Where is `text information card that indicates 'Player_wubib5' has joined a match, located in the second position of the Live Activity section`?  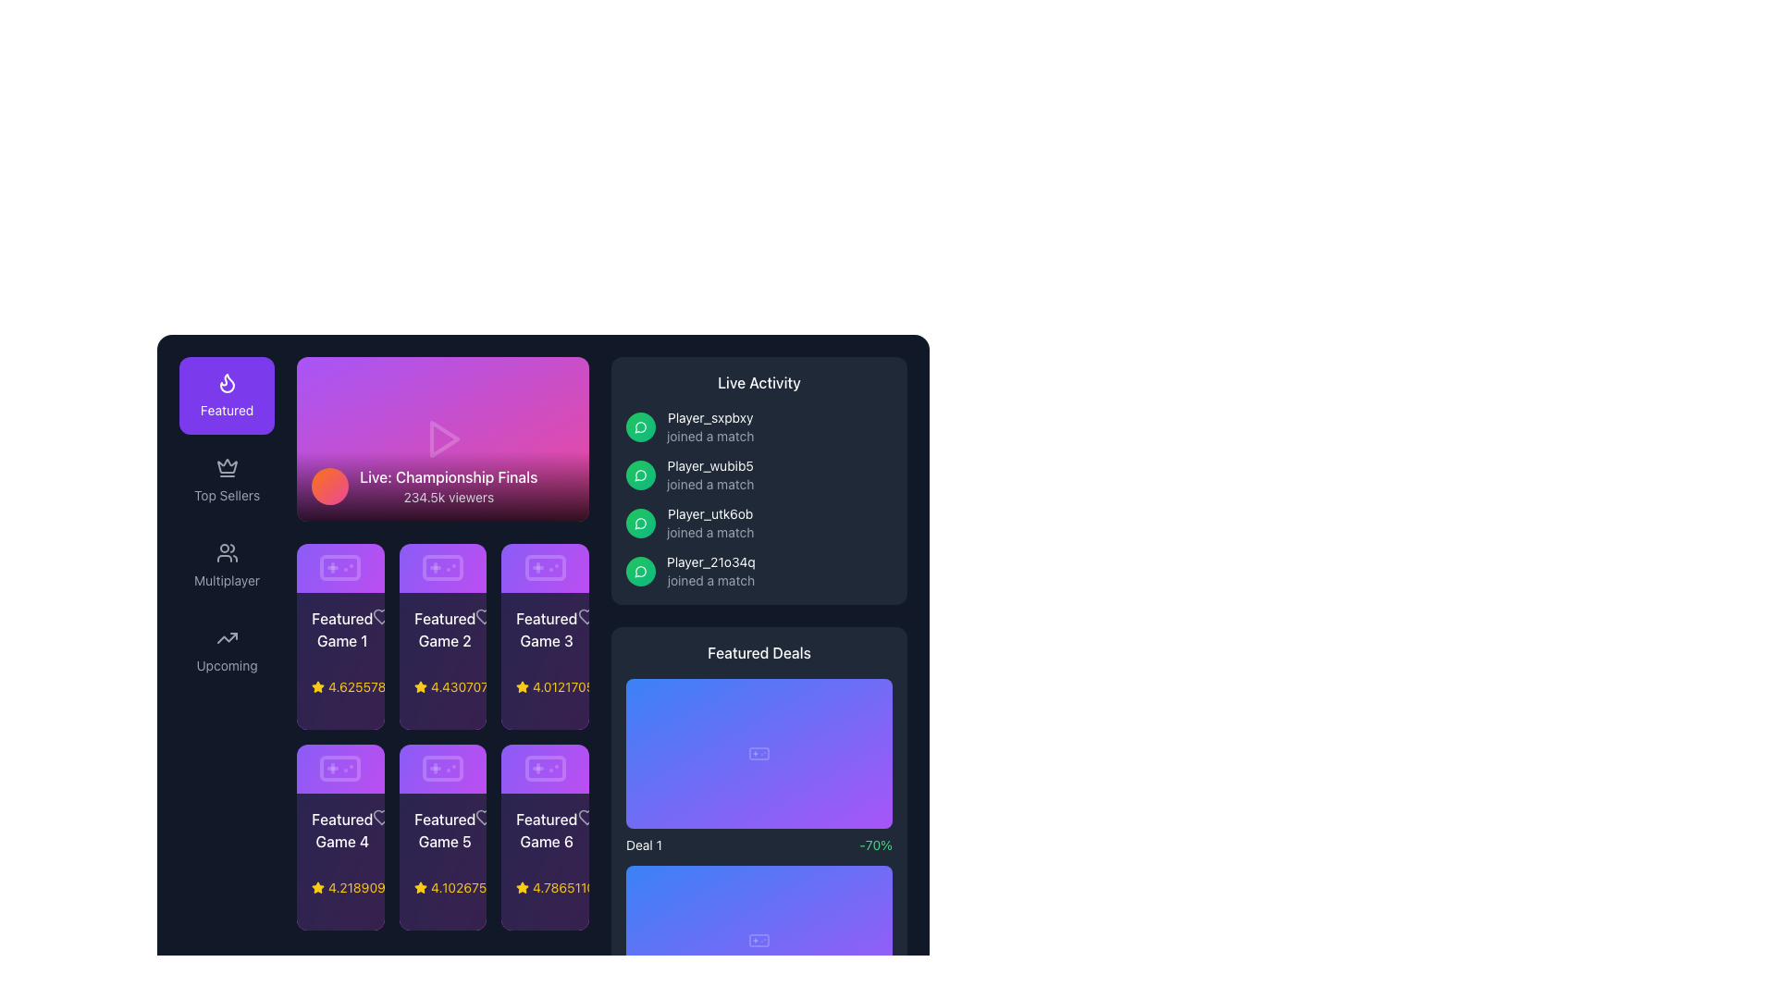
text information card that indicates 'Player_wubib5' has joined a match, located in the second position of the Live Activity section is located at coordinates (709, 474).